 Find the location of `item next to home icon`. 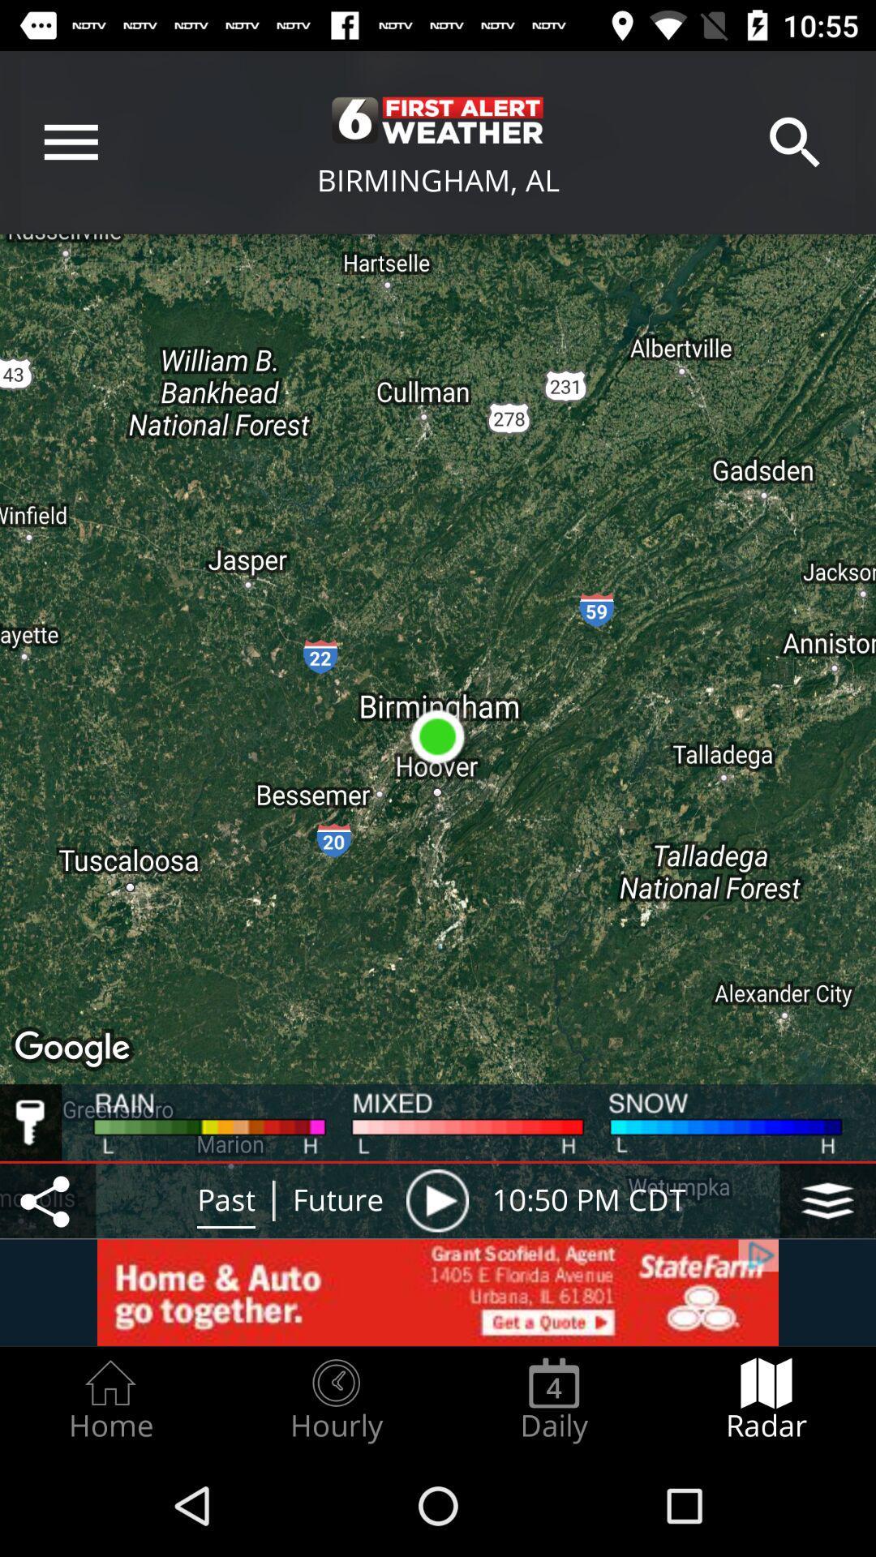

item next to home icon is located at coordinates (335, 1400).